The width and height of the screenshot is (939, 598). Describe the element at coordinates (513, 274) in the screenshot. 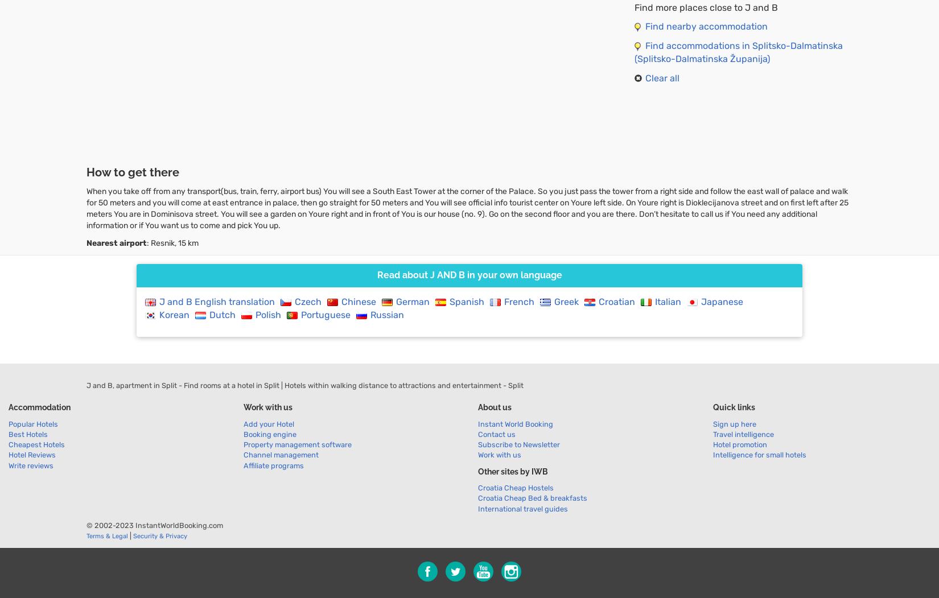

I see `'in your own language'` at that location.